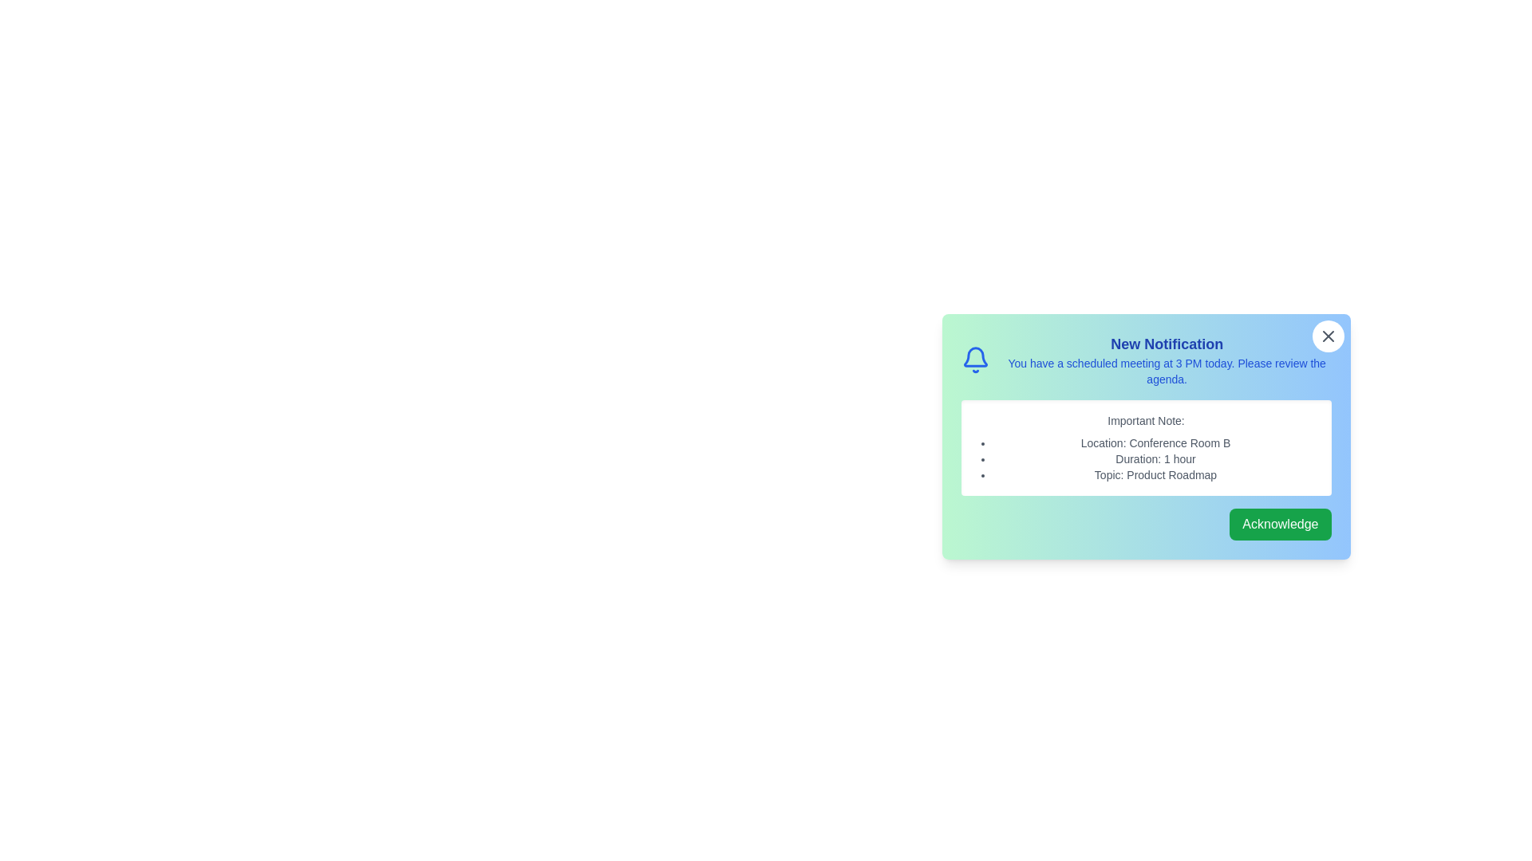 This screenshot has width=1532, height=861. I want to click on the 'Acknowledge' button to mark the notification as acknowledged, so click(1280, 525).